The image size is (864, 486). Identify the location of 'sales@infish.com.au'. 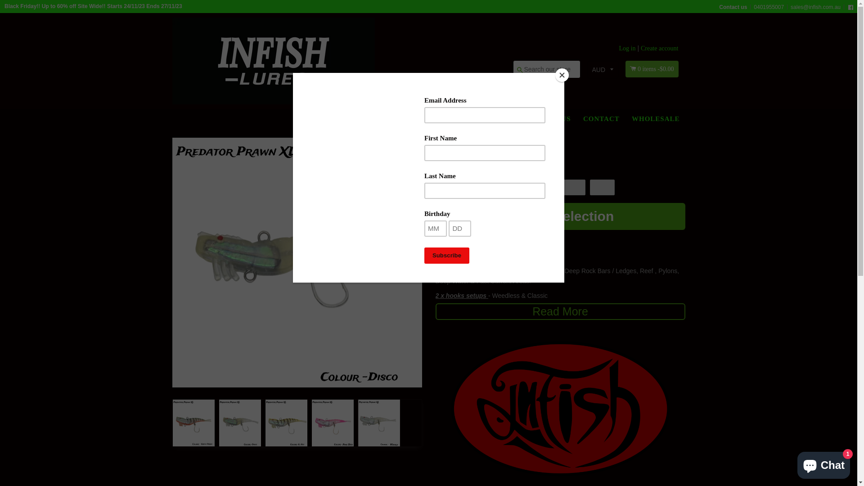
(815, 7).